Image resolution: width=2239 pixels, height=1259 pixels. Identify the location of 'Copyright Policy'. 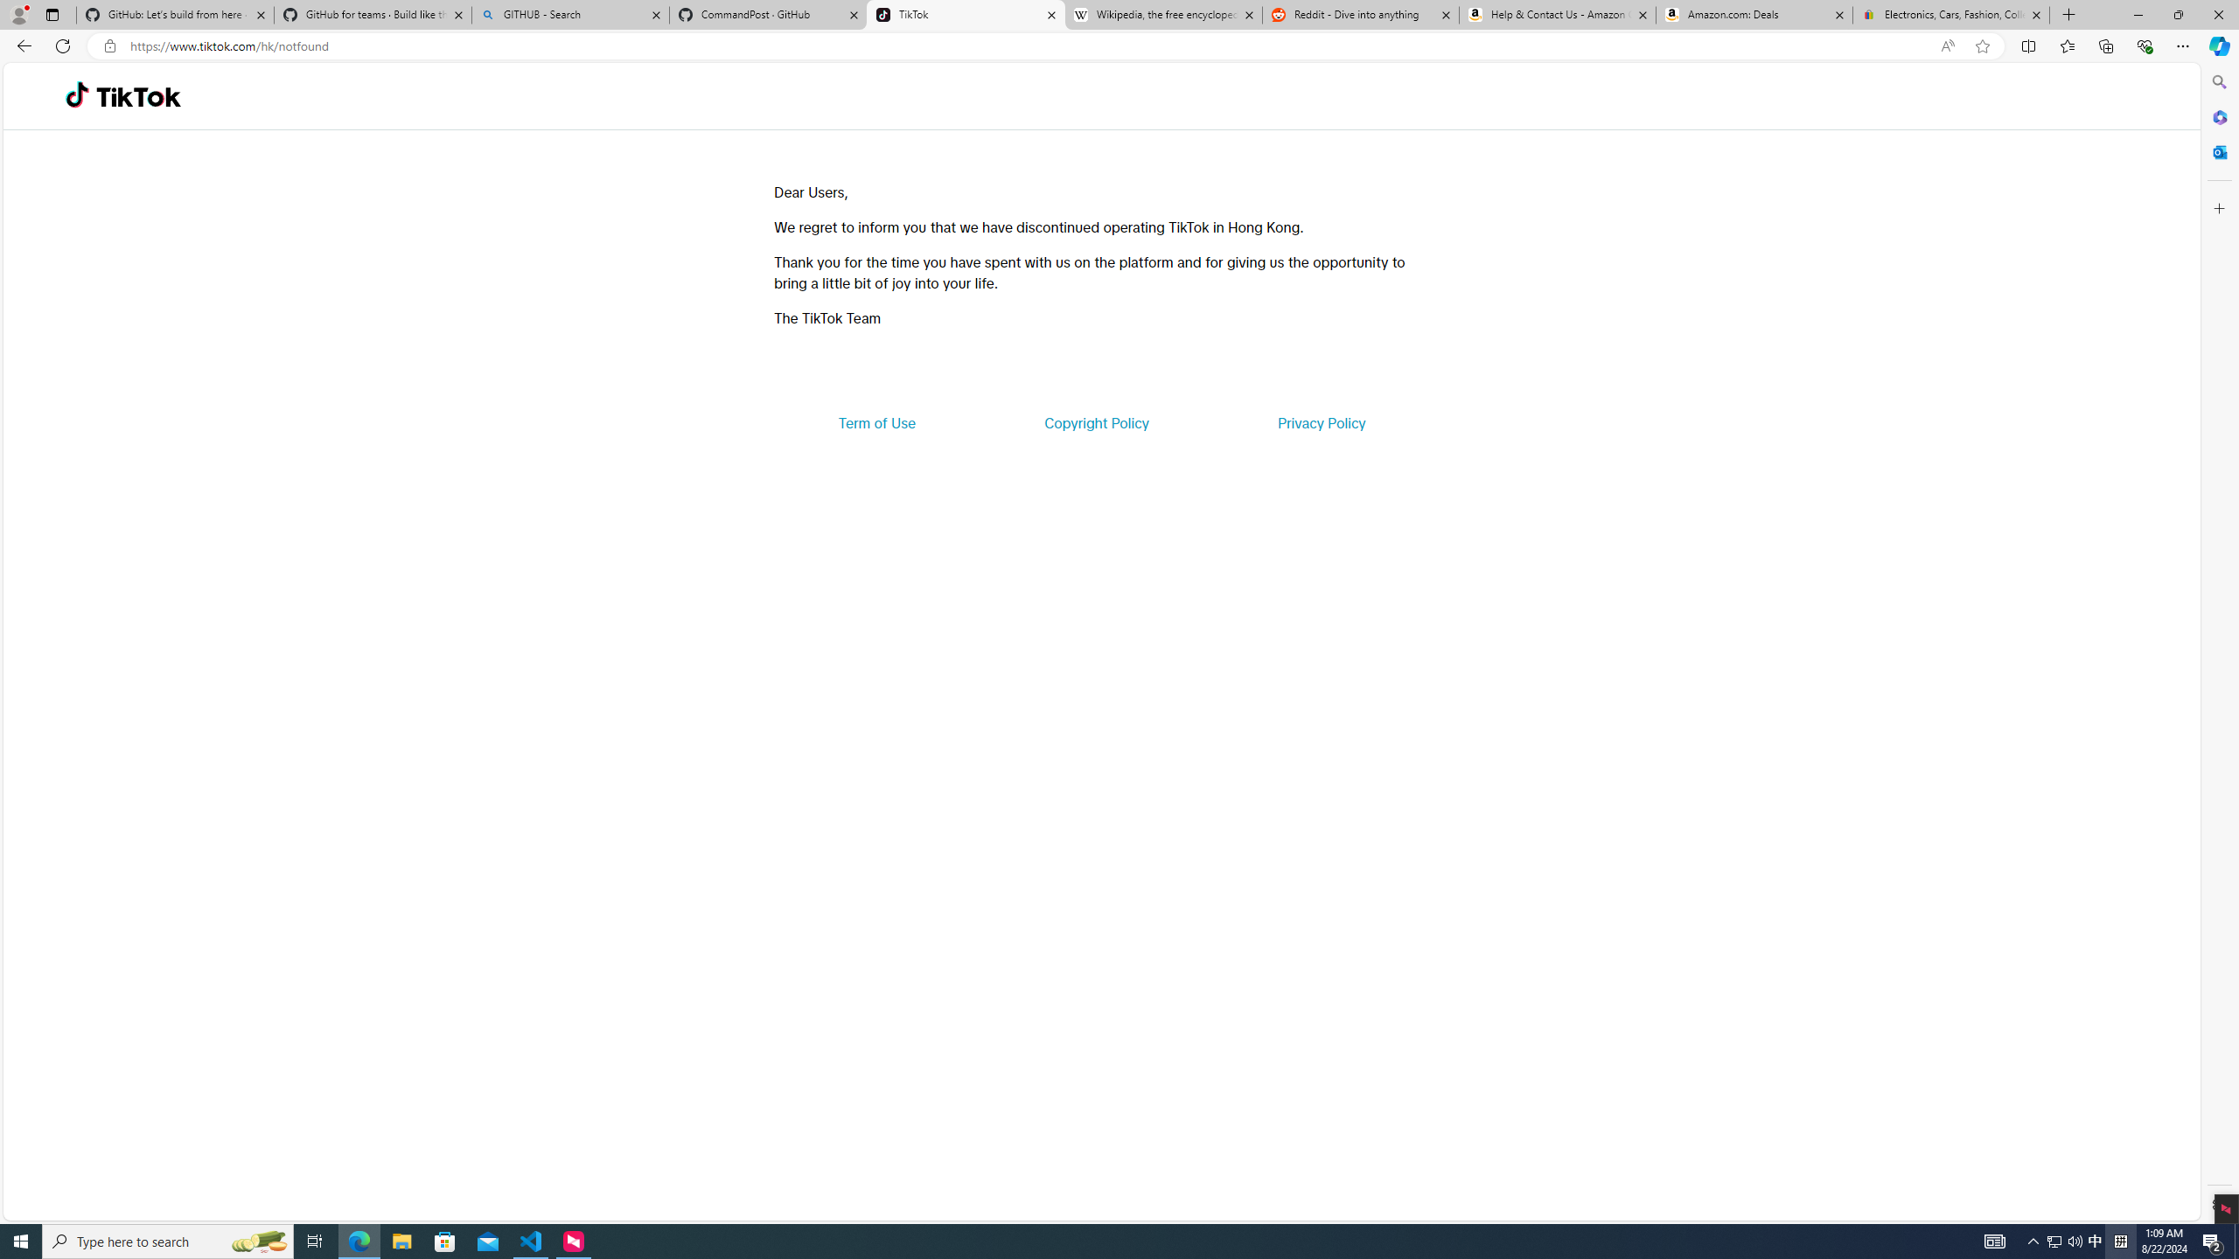
(1095, 421).